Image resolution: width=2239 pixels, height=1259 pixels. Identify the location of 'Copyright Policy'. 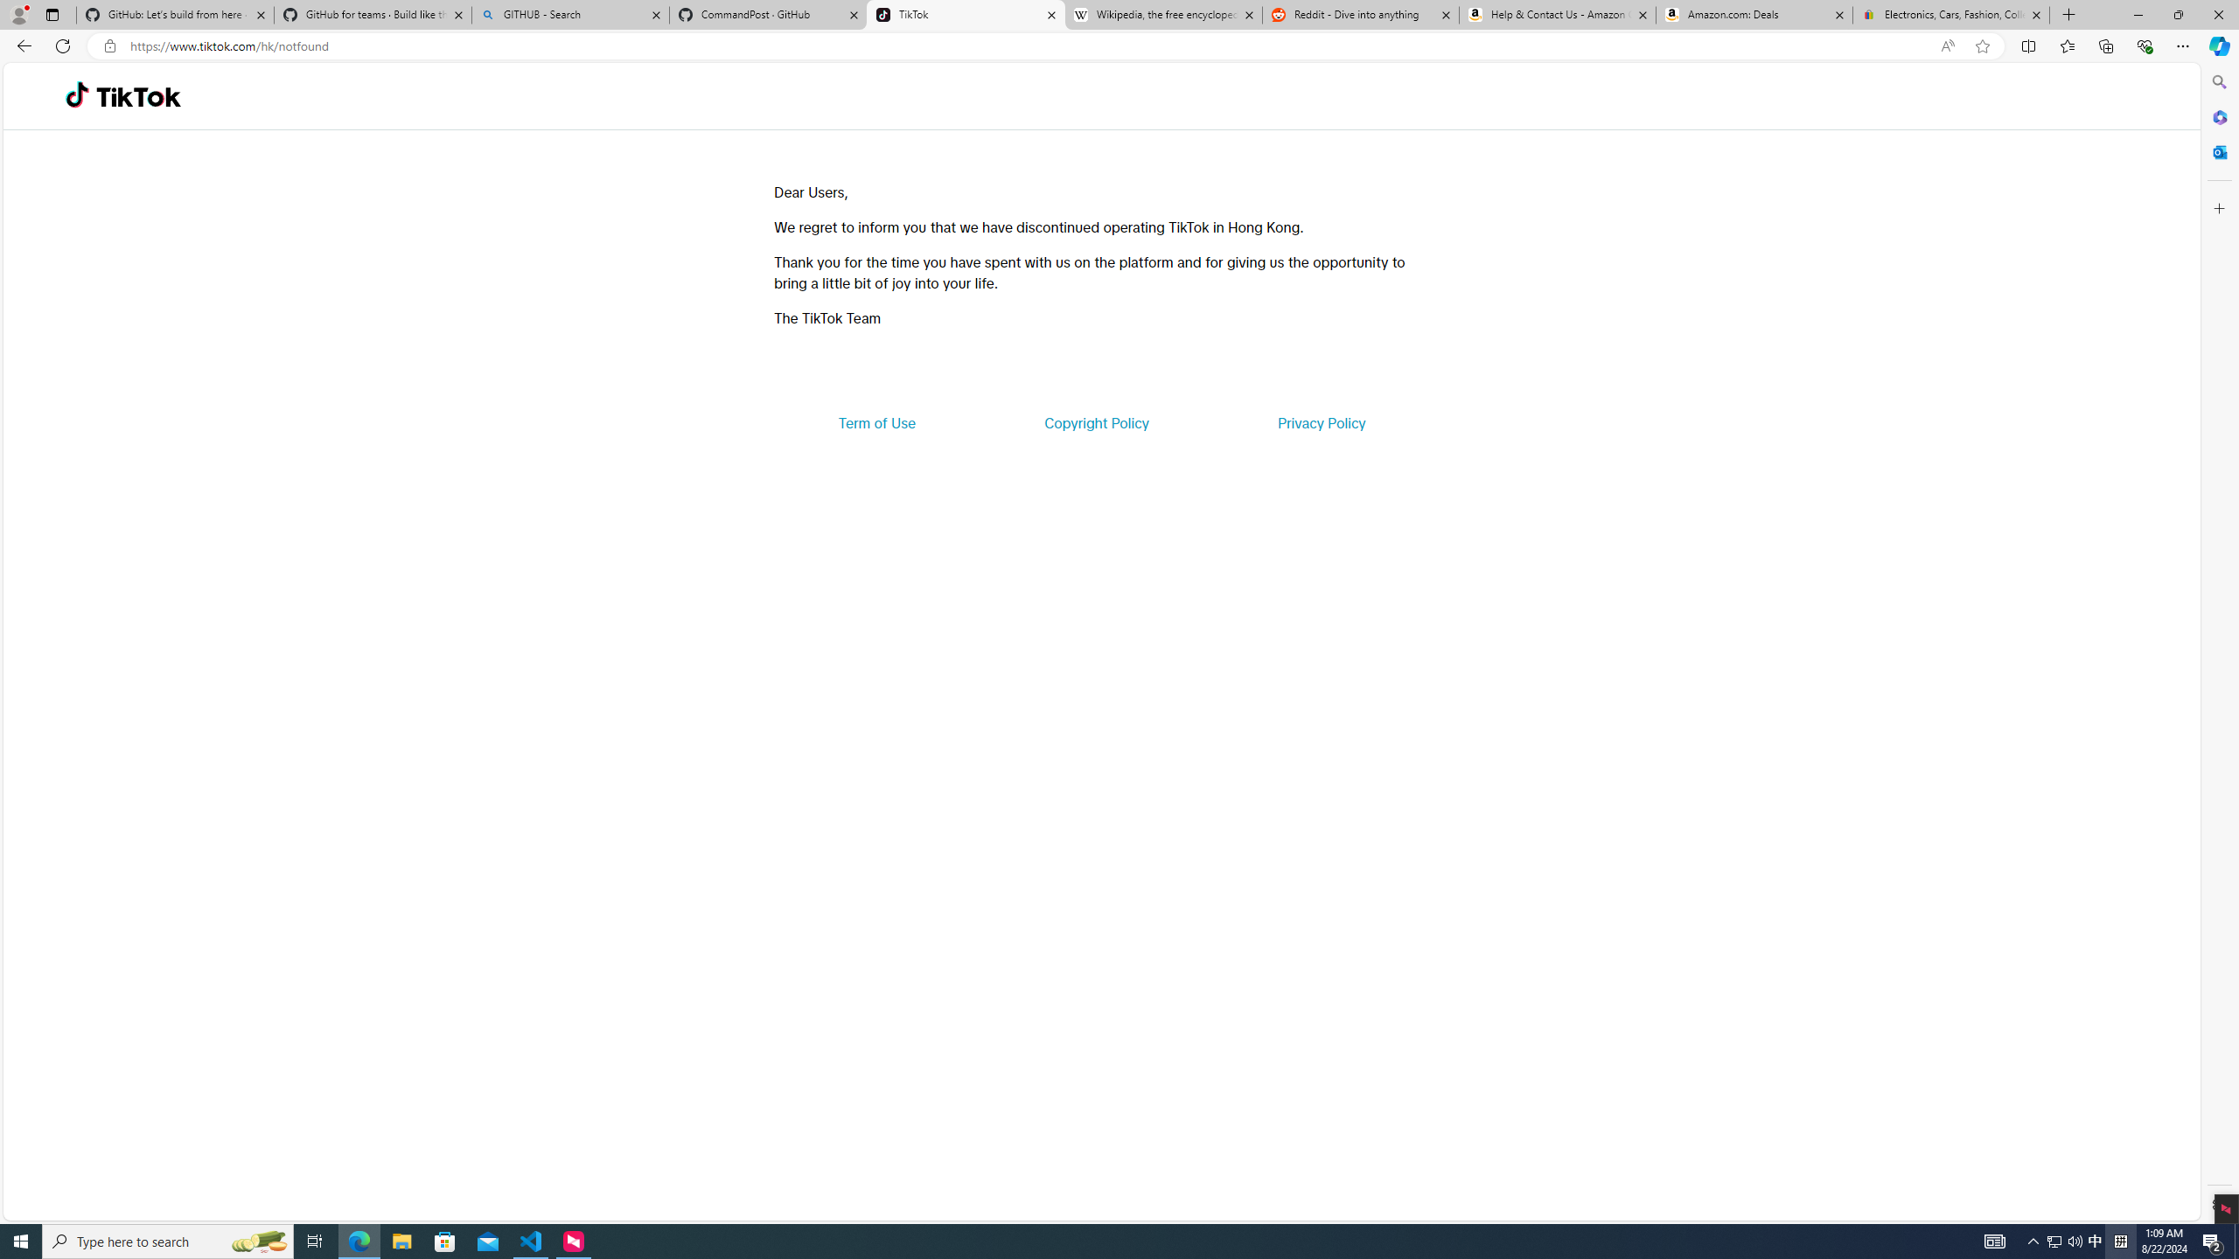
(1095, 421).